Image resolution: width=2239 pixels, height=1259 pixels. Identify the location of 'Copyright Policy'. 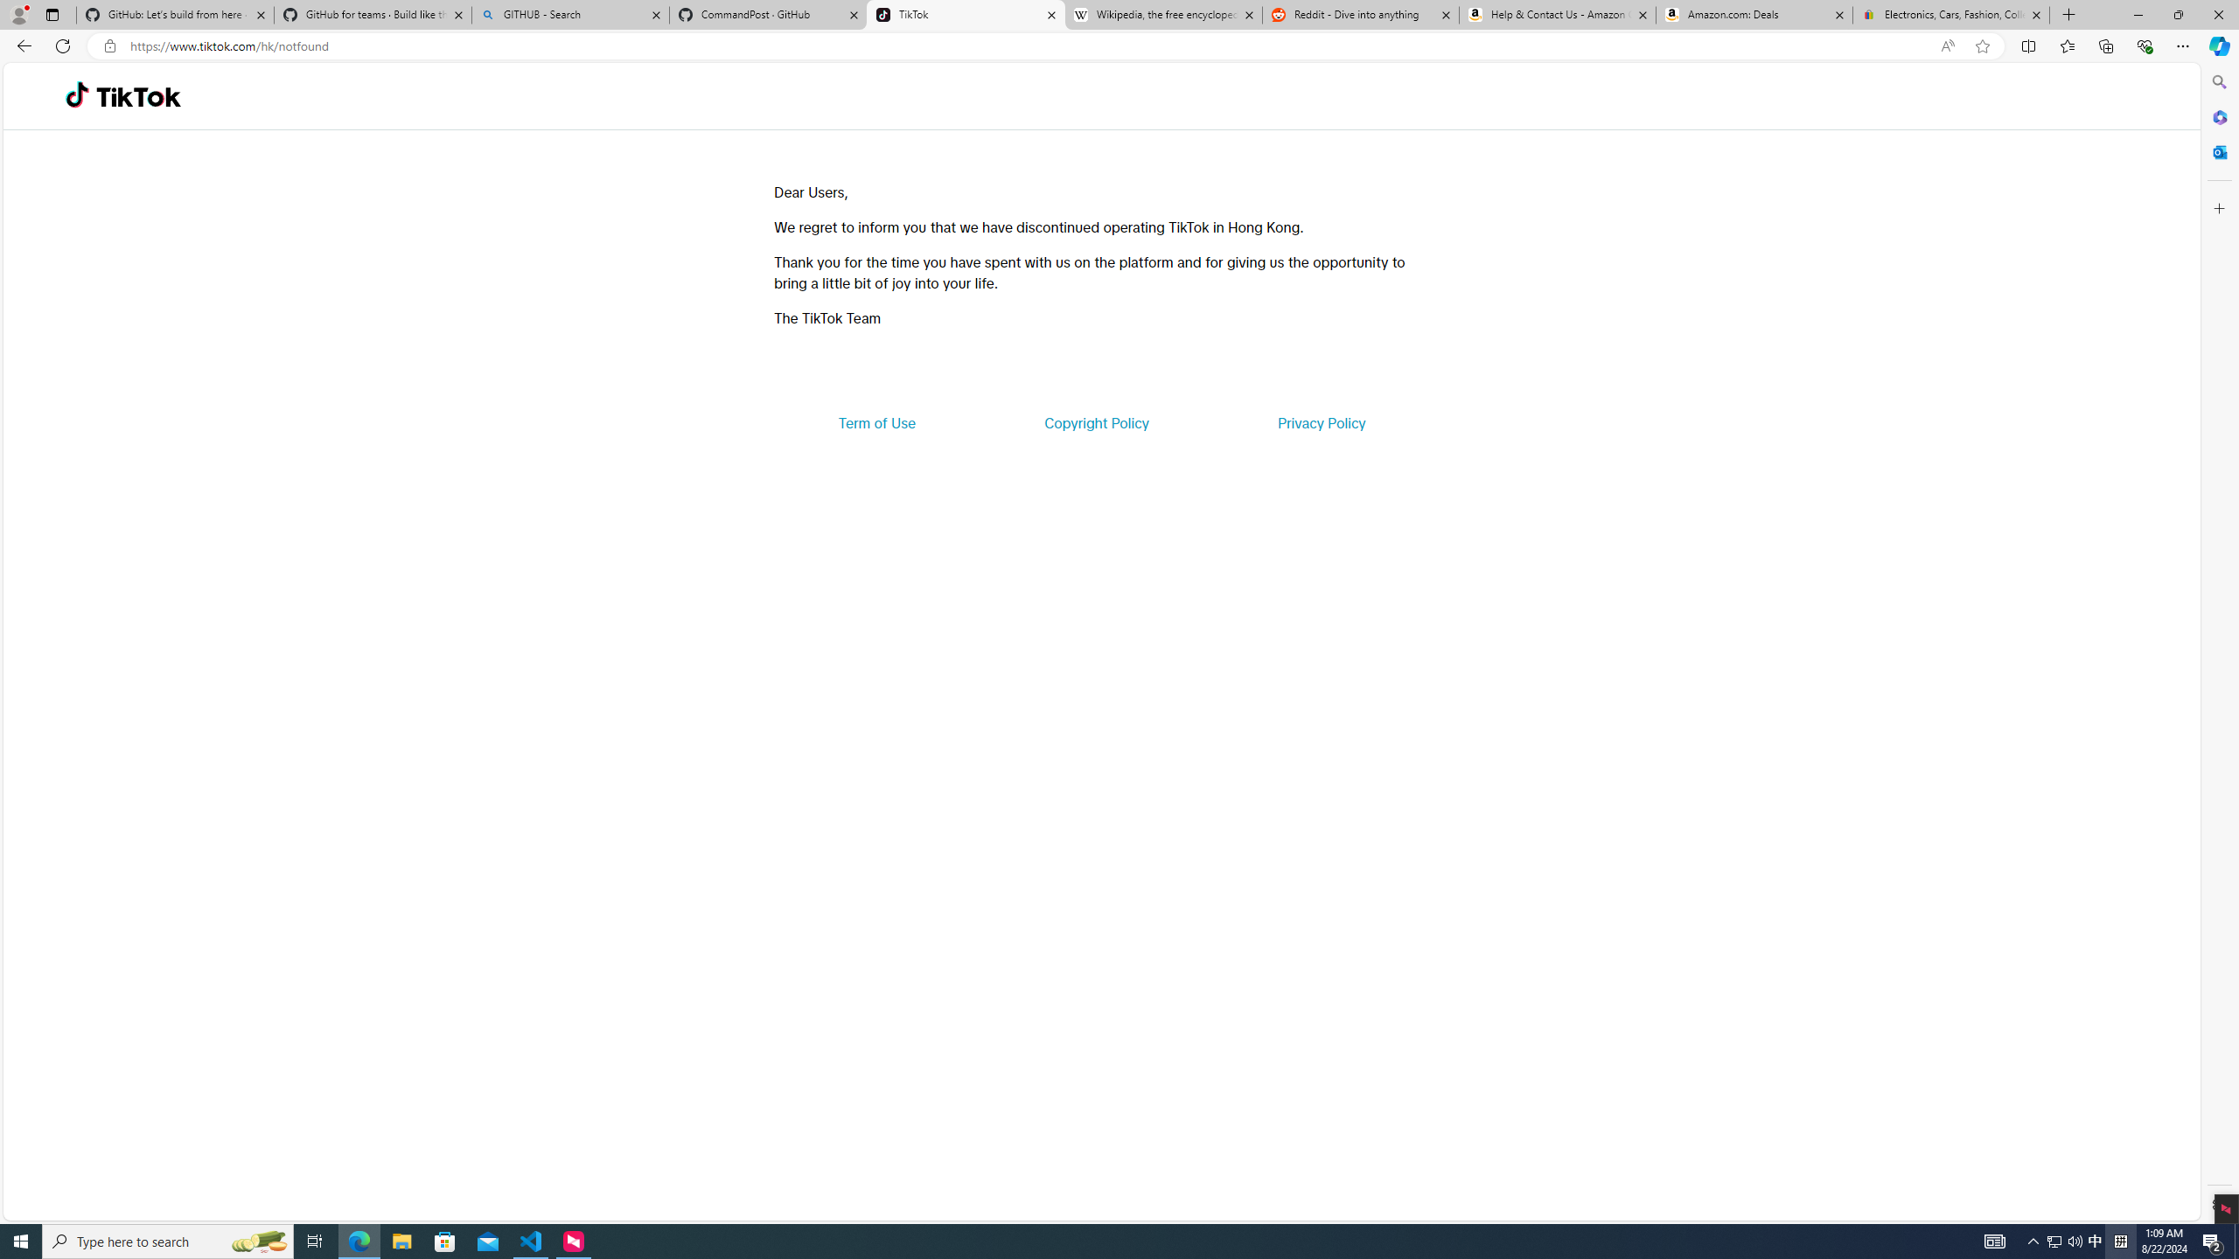
(1095, 421).